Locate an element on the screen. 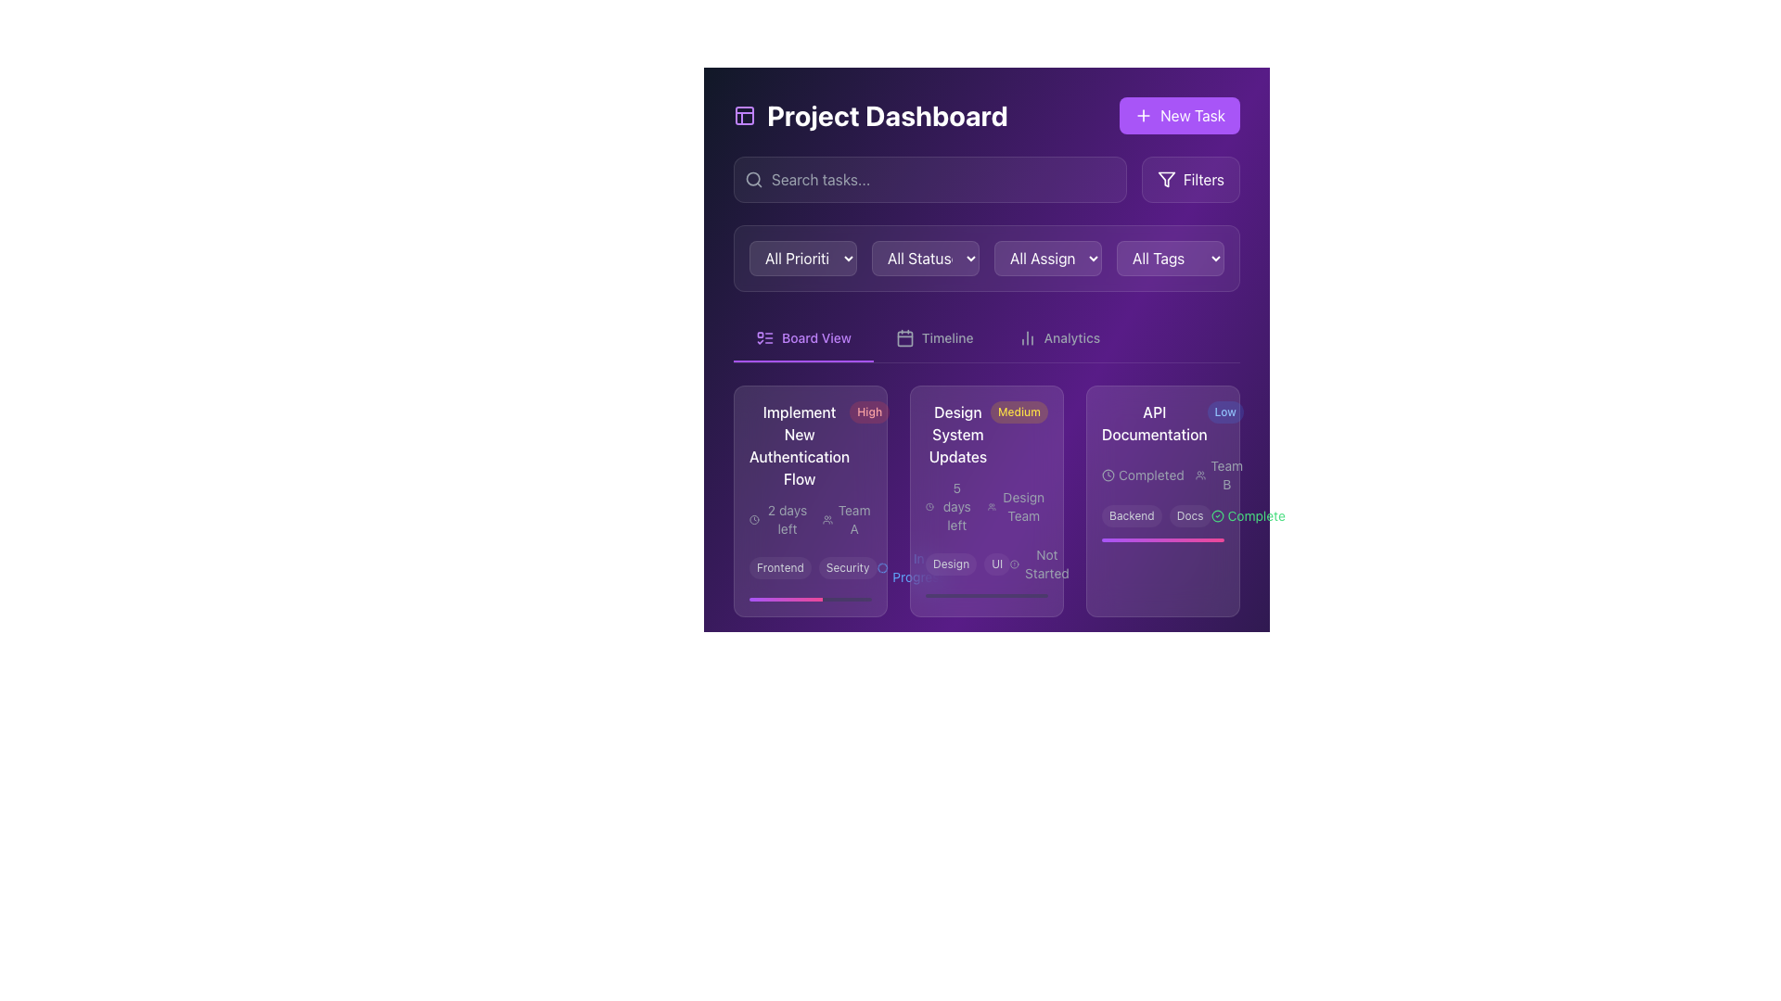  the 'Project Dashboard' section header to emphasize it visually, which is located at the top of the interface with the '+ New Task' button on the far right is located at coordinates (986, 115).